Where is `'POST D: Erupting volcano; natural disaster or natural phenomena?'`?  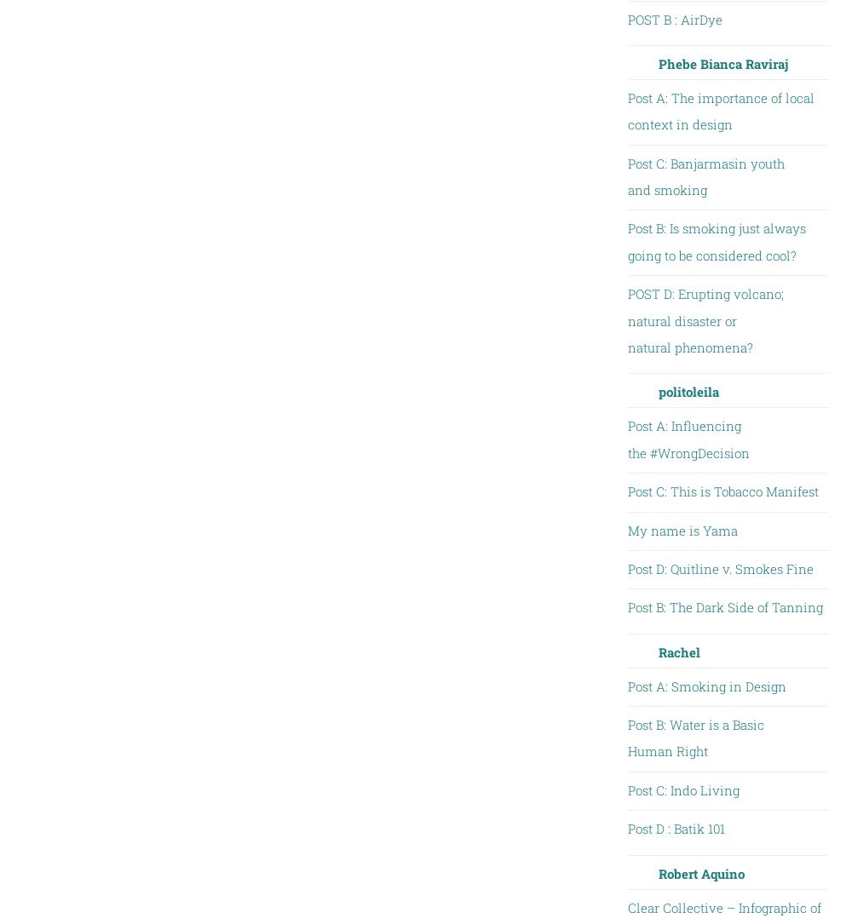
'POST D: Erupting volcano; natural disaster or natural phenomena?' is located at coordinates (704, 320).